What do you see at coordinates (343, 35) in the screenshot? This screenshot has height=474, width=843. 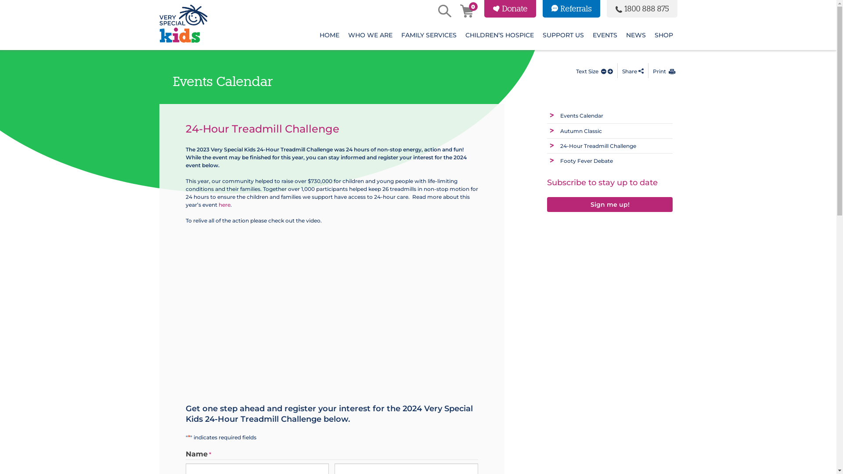 I see `'WHO WE ARE'` at bounding box center [343, 35].